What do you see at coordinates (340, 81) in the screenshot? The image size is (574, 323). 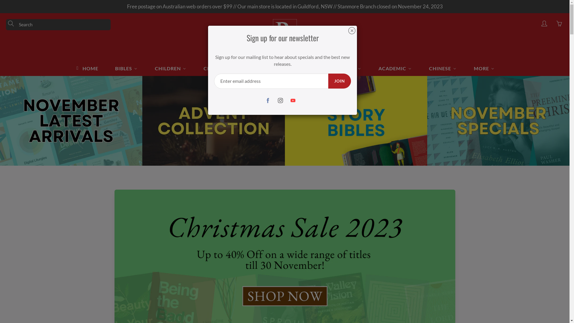 I see `'JOIN'` at bounding box center [340, 81].